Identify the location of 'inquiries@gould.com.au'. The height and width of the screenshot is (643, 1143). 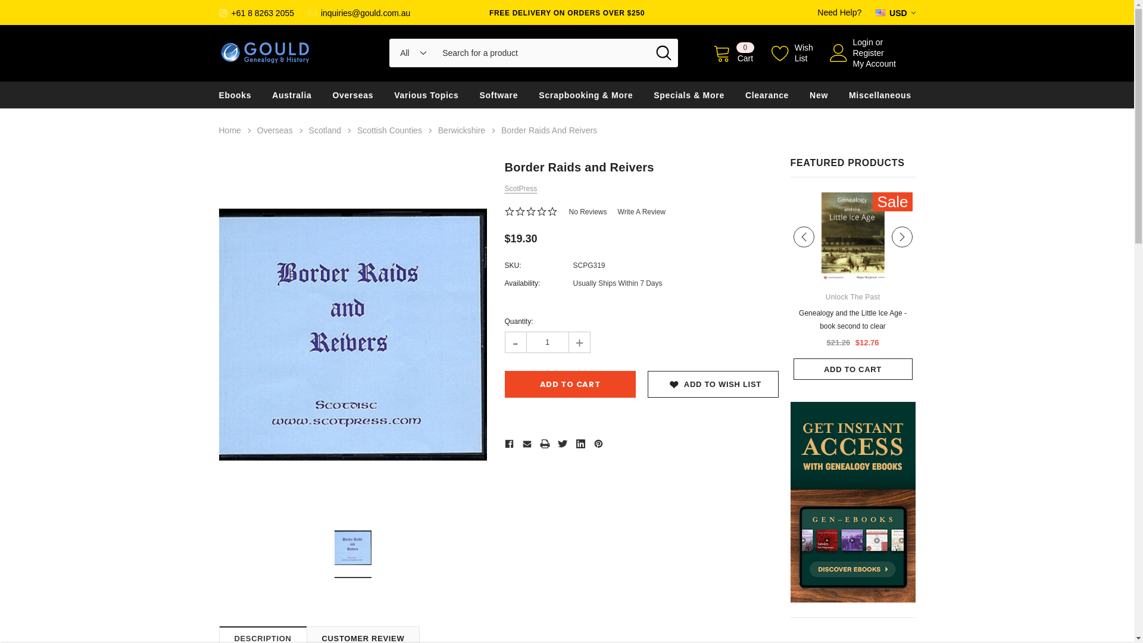
(358, 13).